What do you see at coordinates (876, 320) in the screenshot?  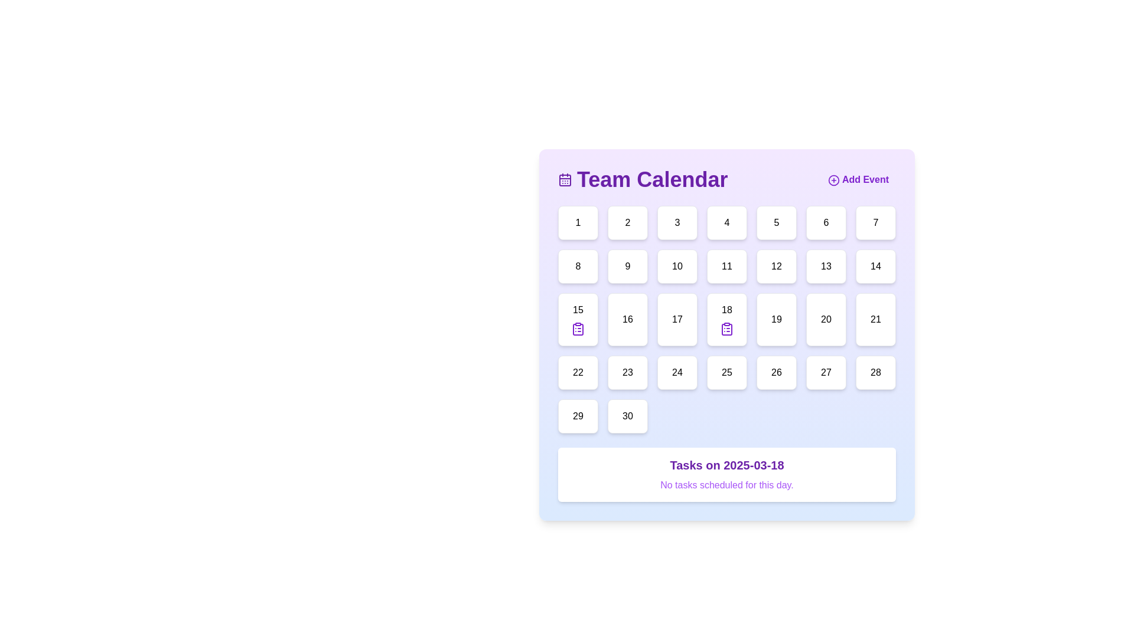 I see `the 21st day tile` at bounding box center [876, 320].